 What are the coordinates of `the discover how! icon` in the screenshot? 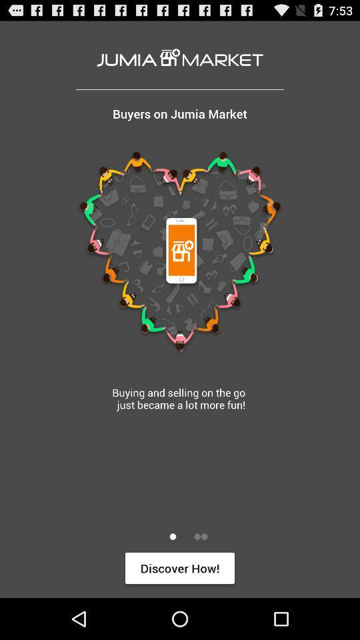 It's located at (180, 567).